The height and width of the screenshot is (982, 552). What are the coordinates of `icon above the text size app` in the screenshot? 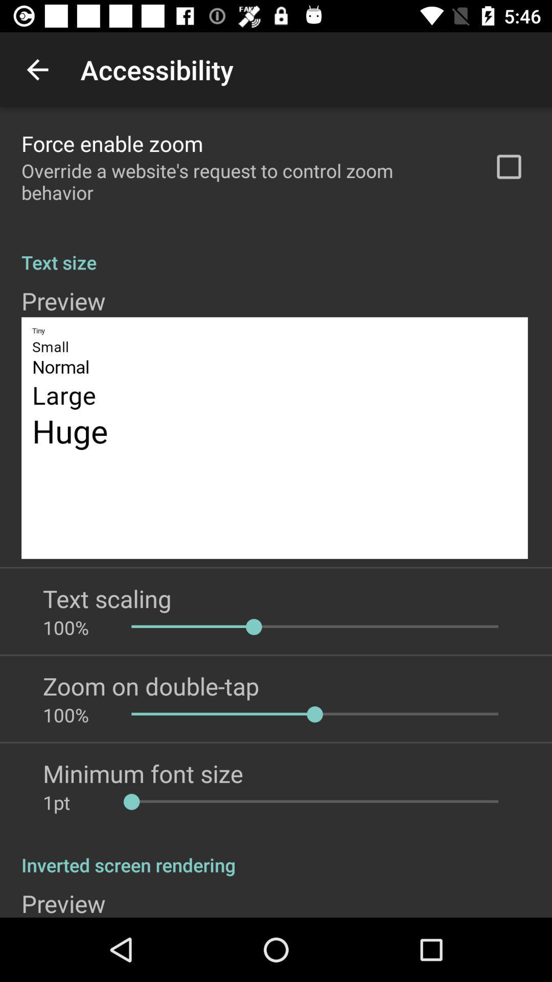 It's located at (244, 182).